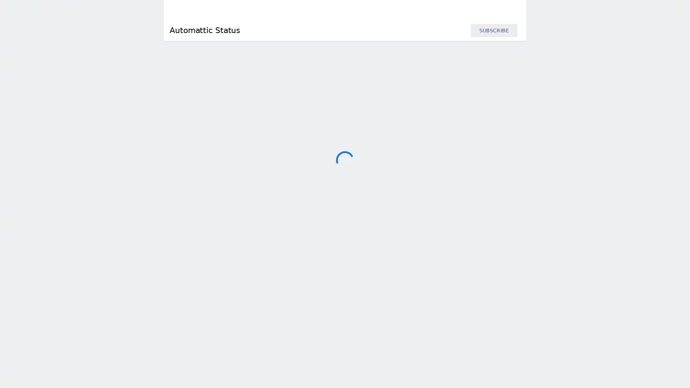  I want to click on Parse.ly Data Collection Response Time : 1.56 s, so click(301, 340).